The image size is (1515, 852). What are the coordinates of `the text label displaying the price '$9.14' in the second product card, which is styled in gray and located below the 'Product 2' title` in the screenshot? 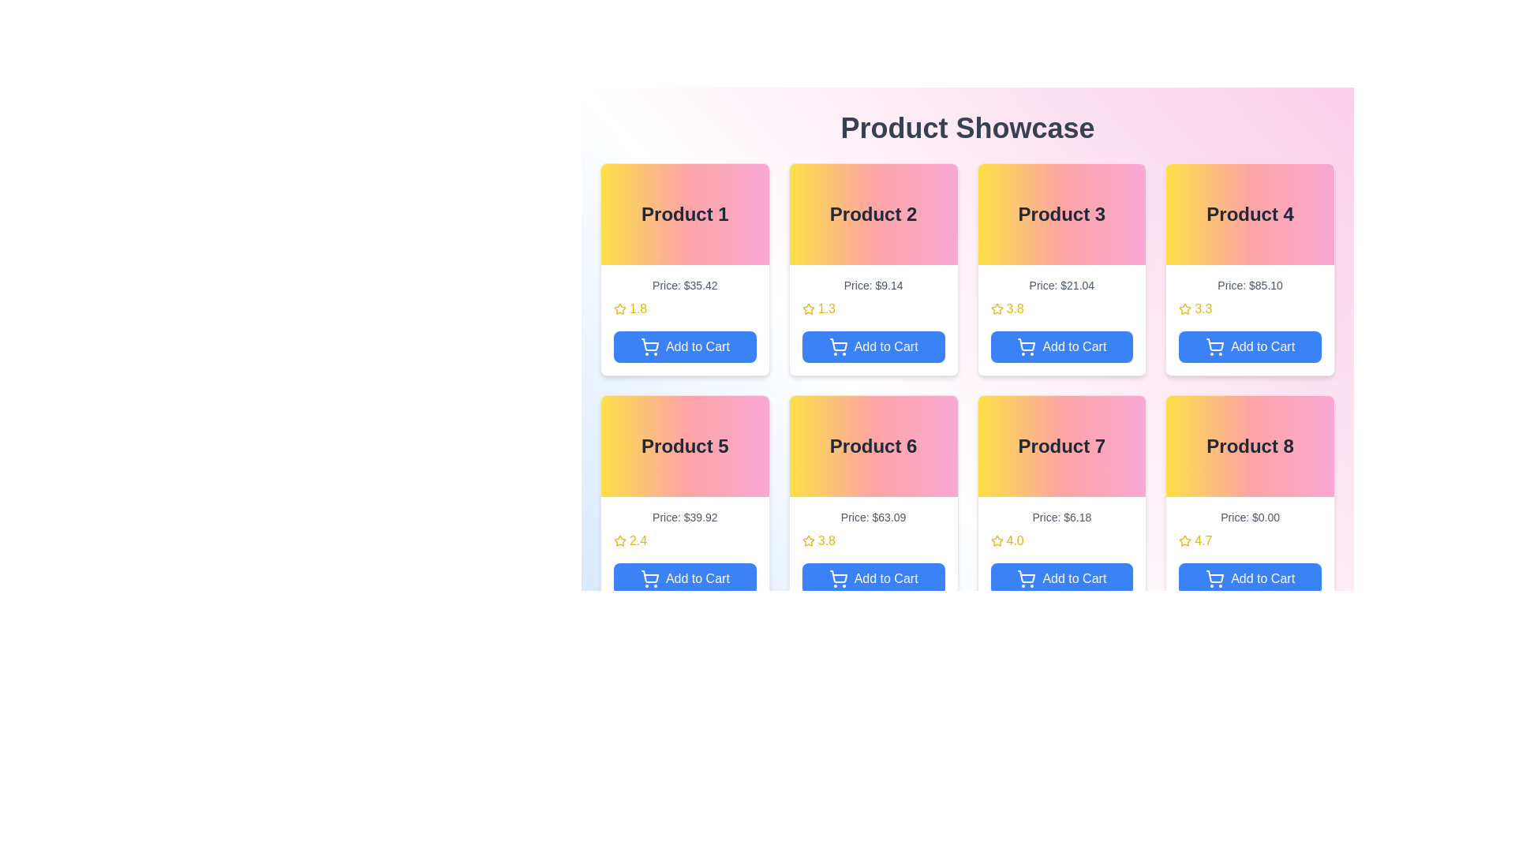 It's located at (873, 286).